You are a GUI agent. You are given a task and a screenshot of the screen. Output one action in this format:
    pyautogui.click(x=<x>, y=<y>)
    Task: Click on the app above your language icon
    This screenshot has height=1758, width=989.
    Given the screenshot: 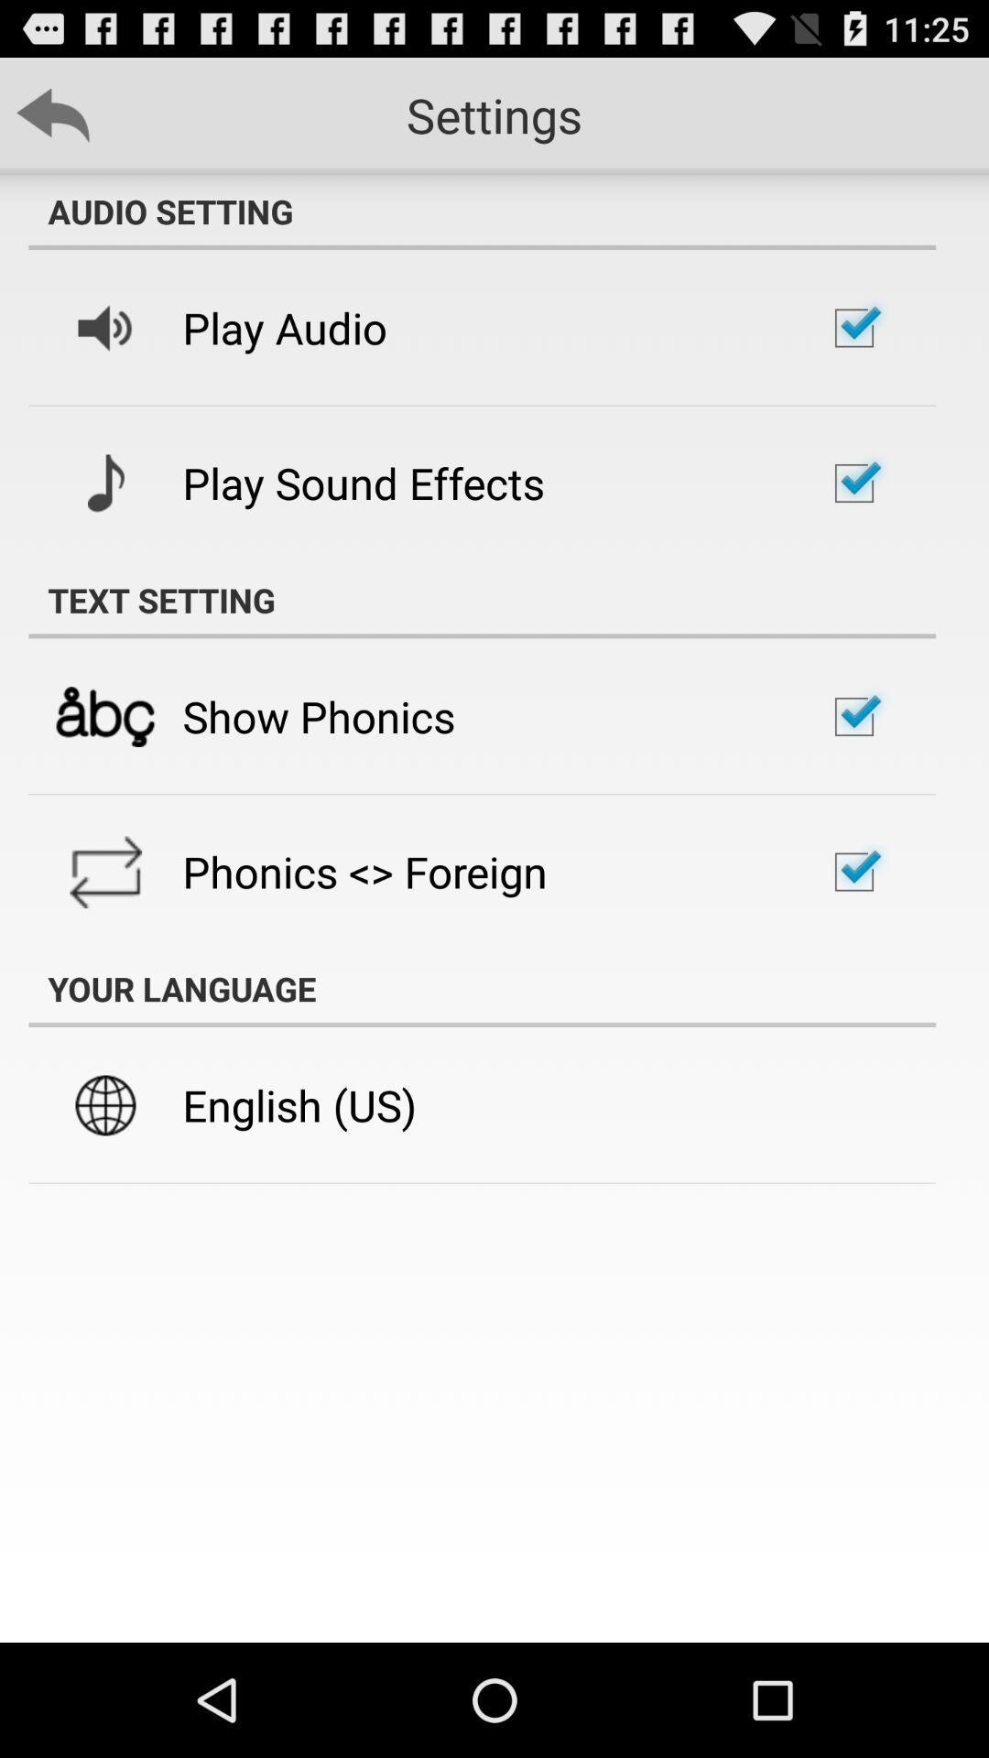 What is the action you would take?
    pyautogui.click(x=364, y=871)
    